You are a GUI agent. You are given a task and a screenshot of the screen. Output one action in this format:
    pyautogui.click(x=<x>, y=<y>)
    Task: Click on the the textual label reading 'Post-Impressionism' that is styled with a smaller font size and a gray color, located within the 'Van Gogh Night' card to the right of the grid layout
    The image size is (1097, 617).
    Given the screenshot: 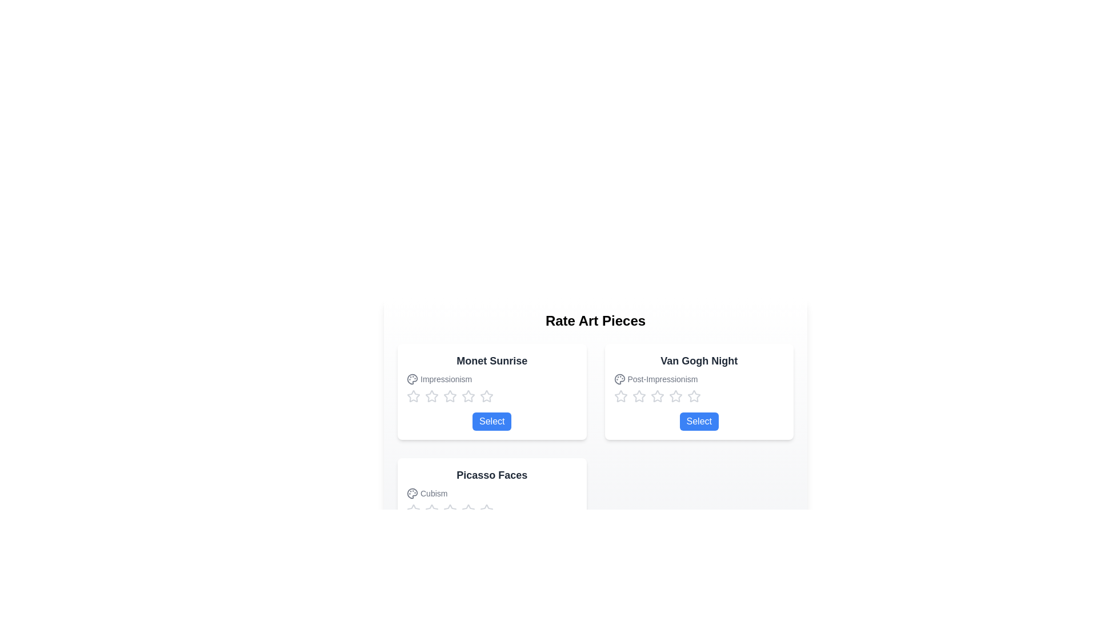 What is the action you would take?
    pyautogui.click(x=698, y=379)
    